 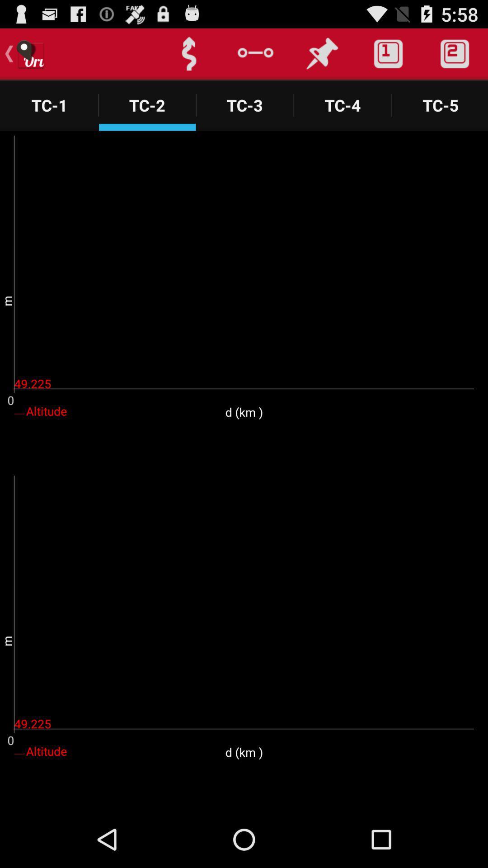 What do you see at coordinates (321, 53) in the screenshot?
I see `pin this` at bounding box center [321, 53].